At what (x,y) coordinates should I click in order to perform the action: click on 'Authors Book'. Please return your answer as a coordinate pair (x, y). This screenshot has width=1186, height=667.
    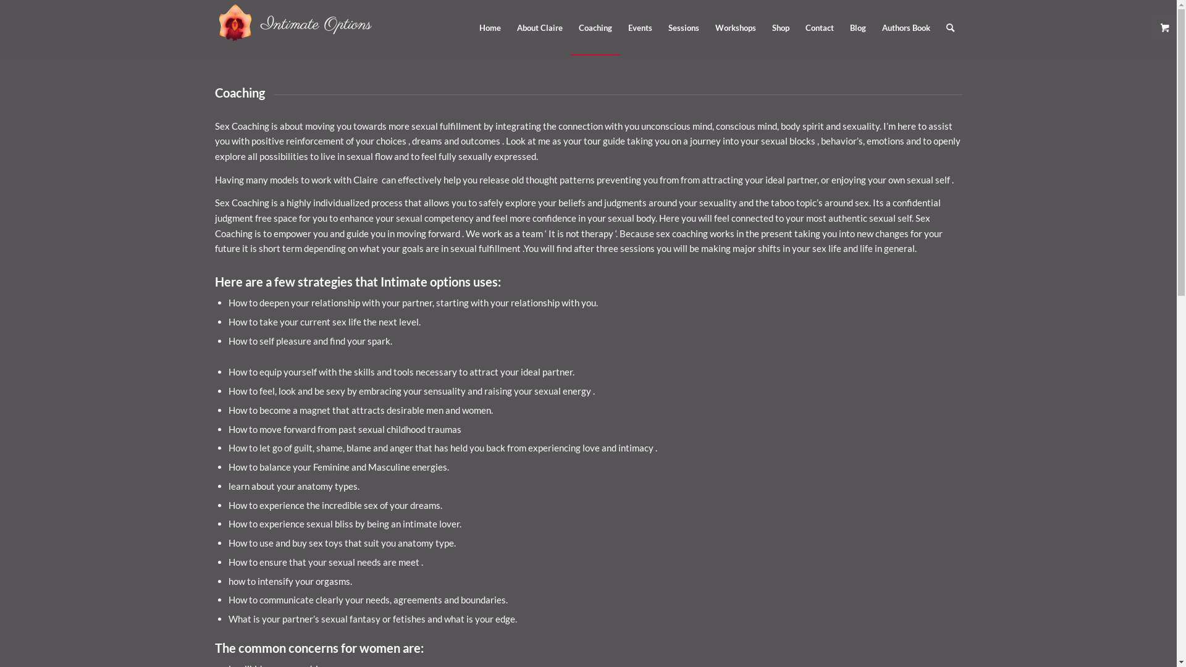
    Looking at the image, I should click on (905, 28).